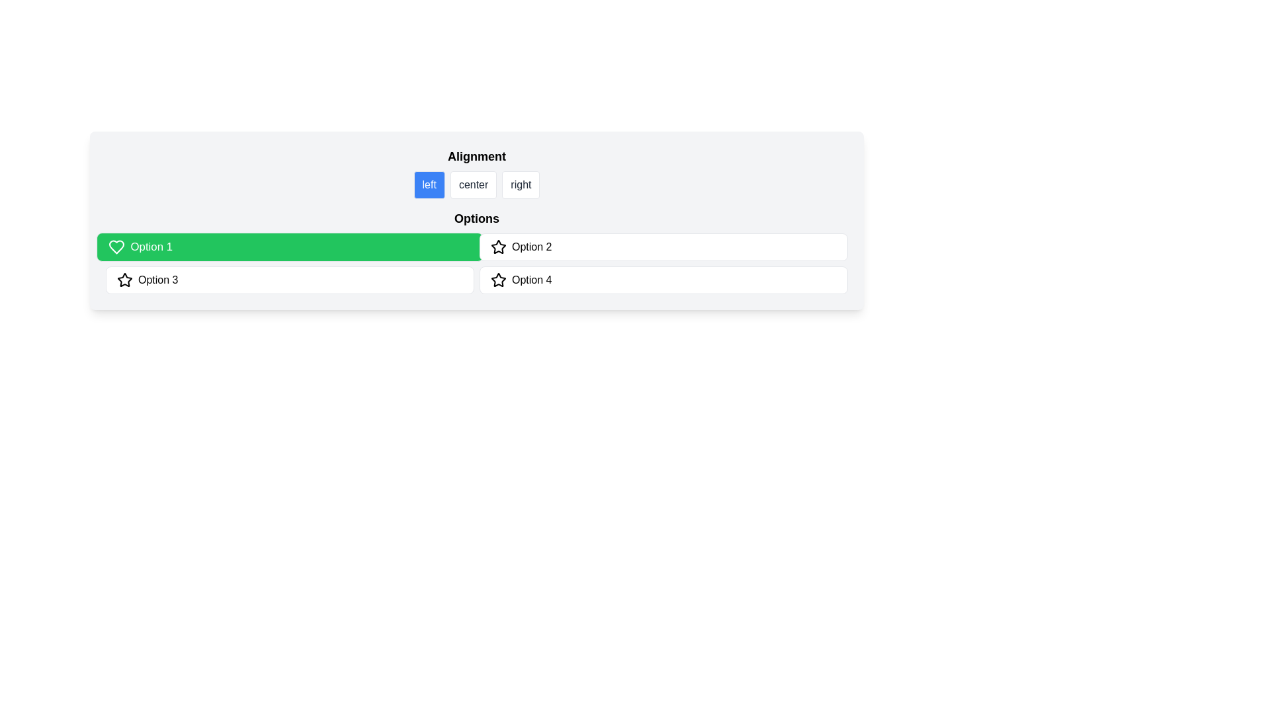 This screenshot has height=714, width=1270. I want to click on the stylized star icon with outlined edges located next to the label 'Option 4' to interact with it, so click(497, 280).